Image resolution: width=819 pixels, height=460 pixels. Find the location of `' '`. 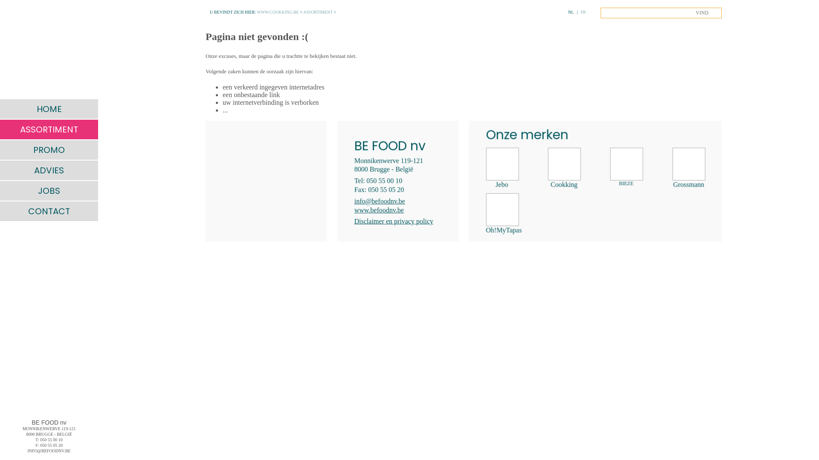

' ' is located at coordinates (266, 181).